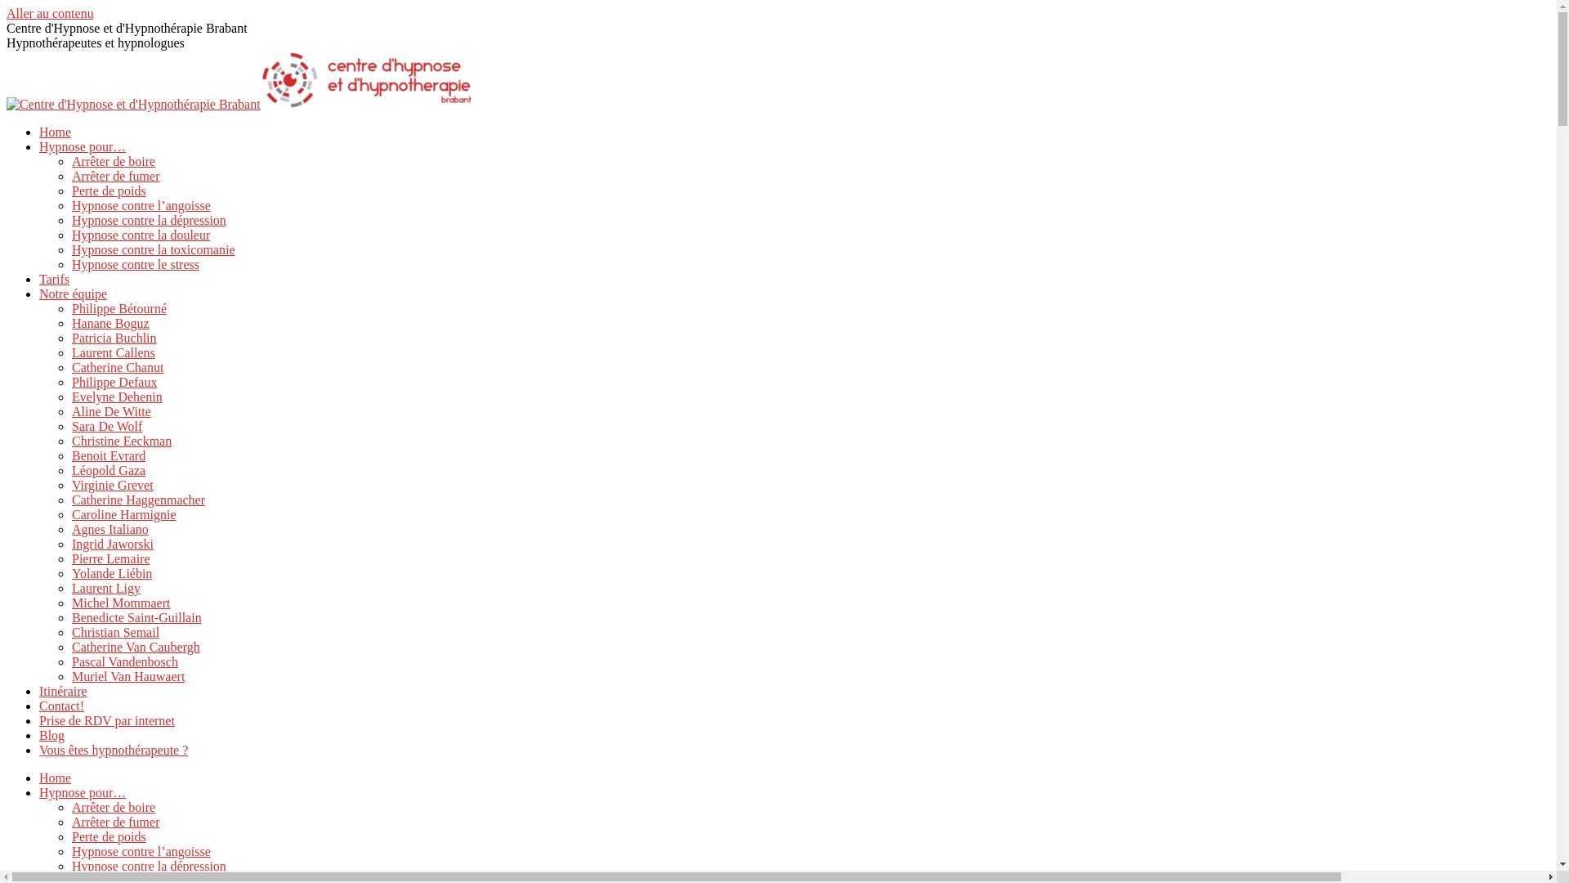 Image resolution: width=1569 pixels, height=883 pixels. What do you see at coordinates (113, 382) in the screenshot?
I see `'Philippe Defaux'` at bounding box center [113, 382].